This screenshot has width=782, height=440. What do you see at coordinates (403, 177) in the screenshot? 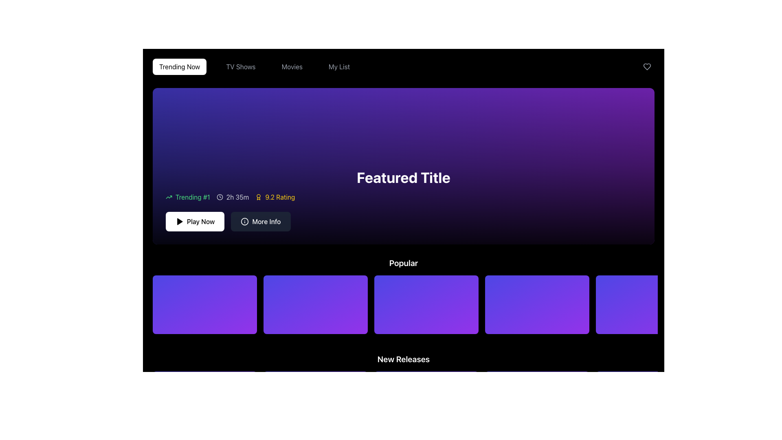
I see `the featured title text label, which is centrally positioned above additional information such as 'Trending #1', '2h 35m', and '9.2 Rating'` at bounding box center [403, 177].